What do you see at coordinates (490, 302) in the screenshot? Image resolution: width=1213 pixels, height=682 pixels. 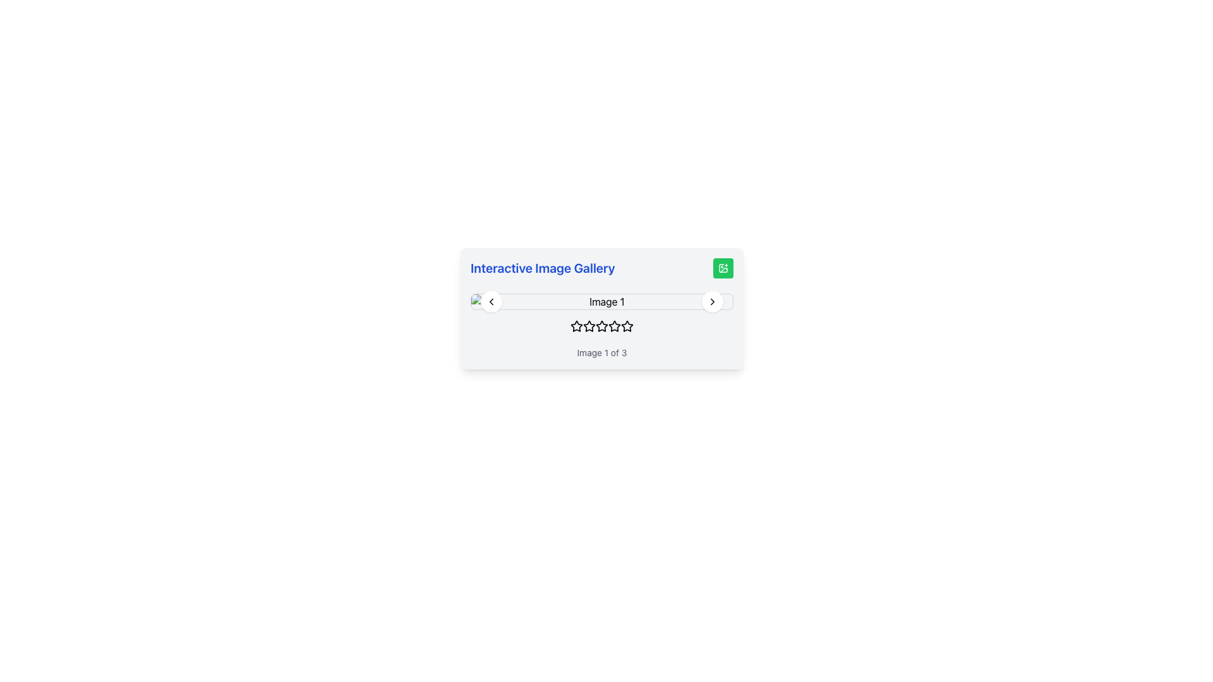 I see `the leftward navigation icon located within a circular button on the left-hand side of the horizontal navigation bar below the title 'Interactive Image Gallery'` at bounding box center [490, 302].